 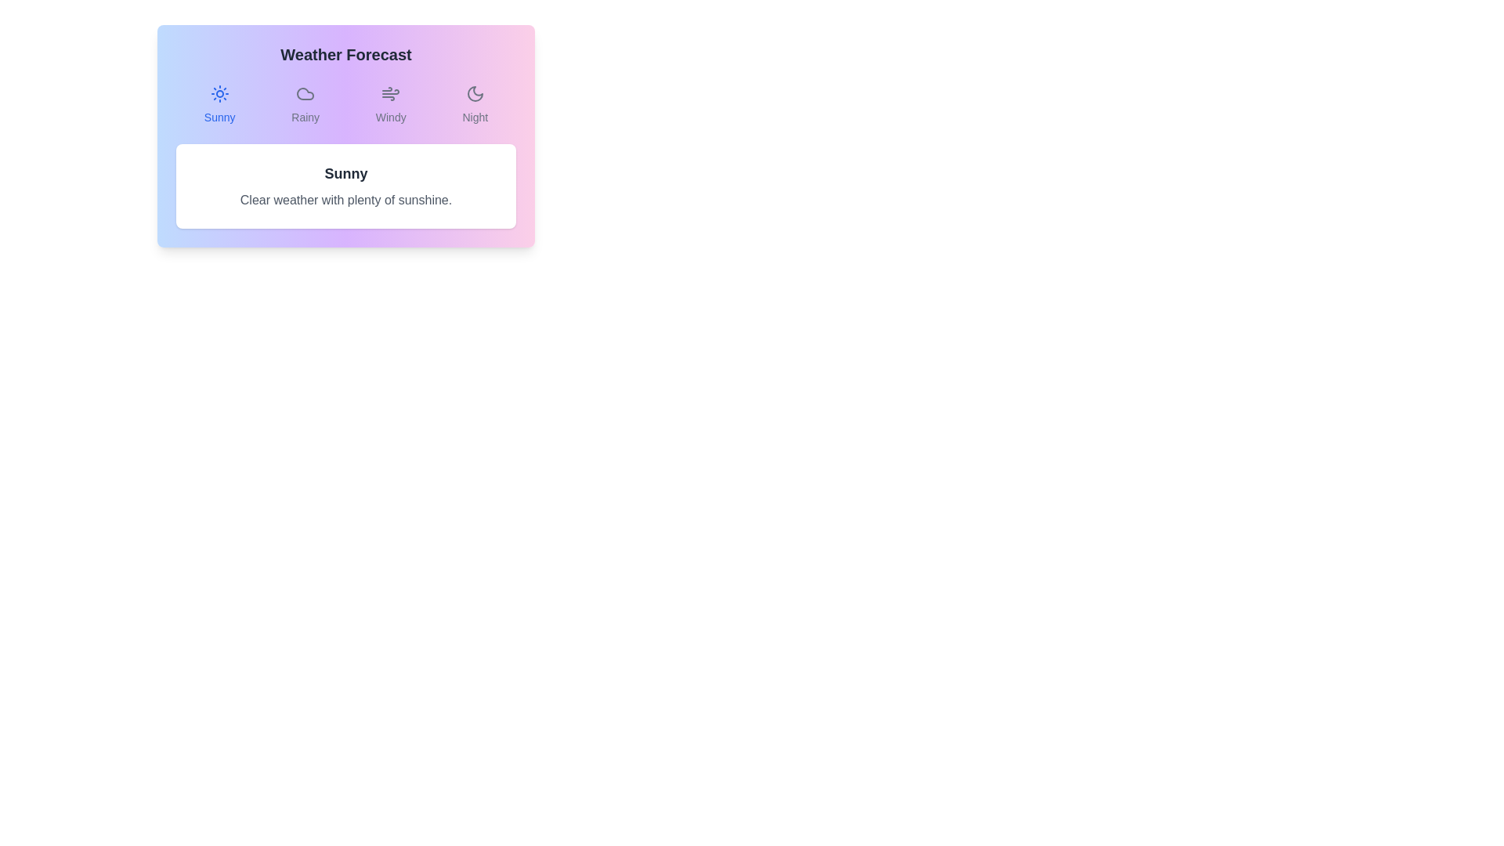 I want to click on the Windy tab by clicking on its button, so click(x=391, y=105).